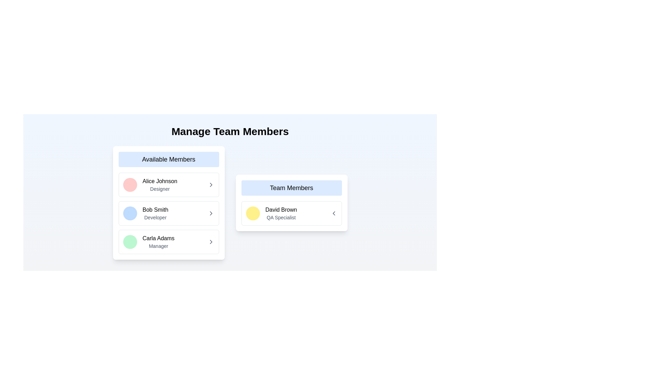 This screenshot has height=376, width=670. I want to click on the text label reading 'Developer' that is styled with a small font size and gray color, located below the name 'Bob Smith' in the 'Available Members' list, so click(155, 217).